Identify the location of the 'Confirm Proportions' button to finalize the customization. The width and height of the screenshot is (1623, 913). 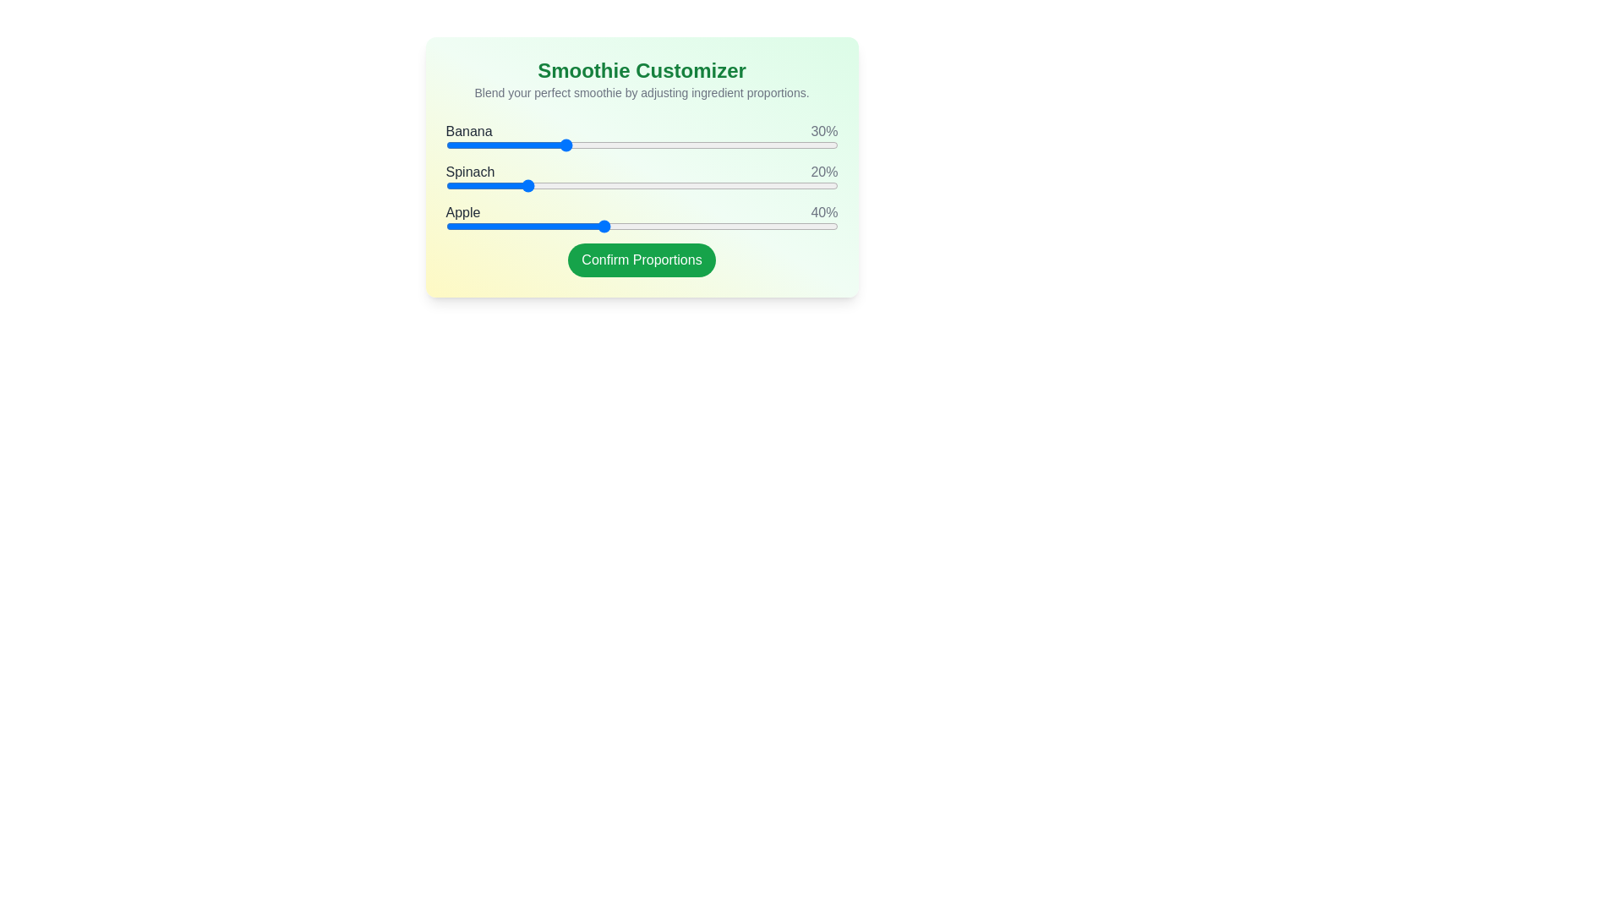
(641, 260).